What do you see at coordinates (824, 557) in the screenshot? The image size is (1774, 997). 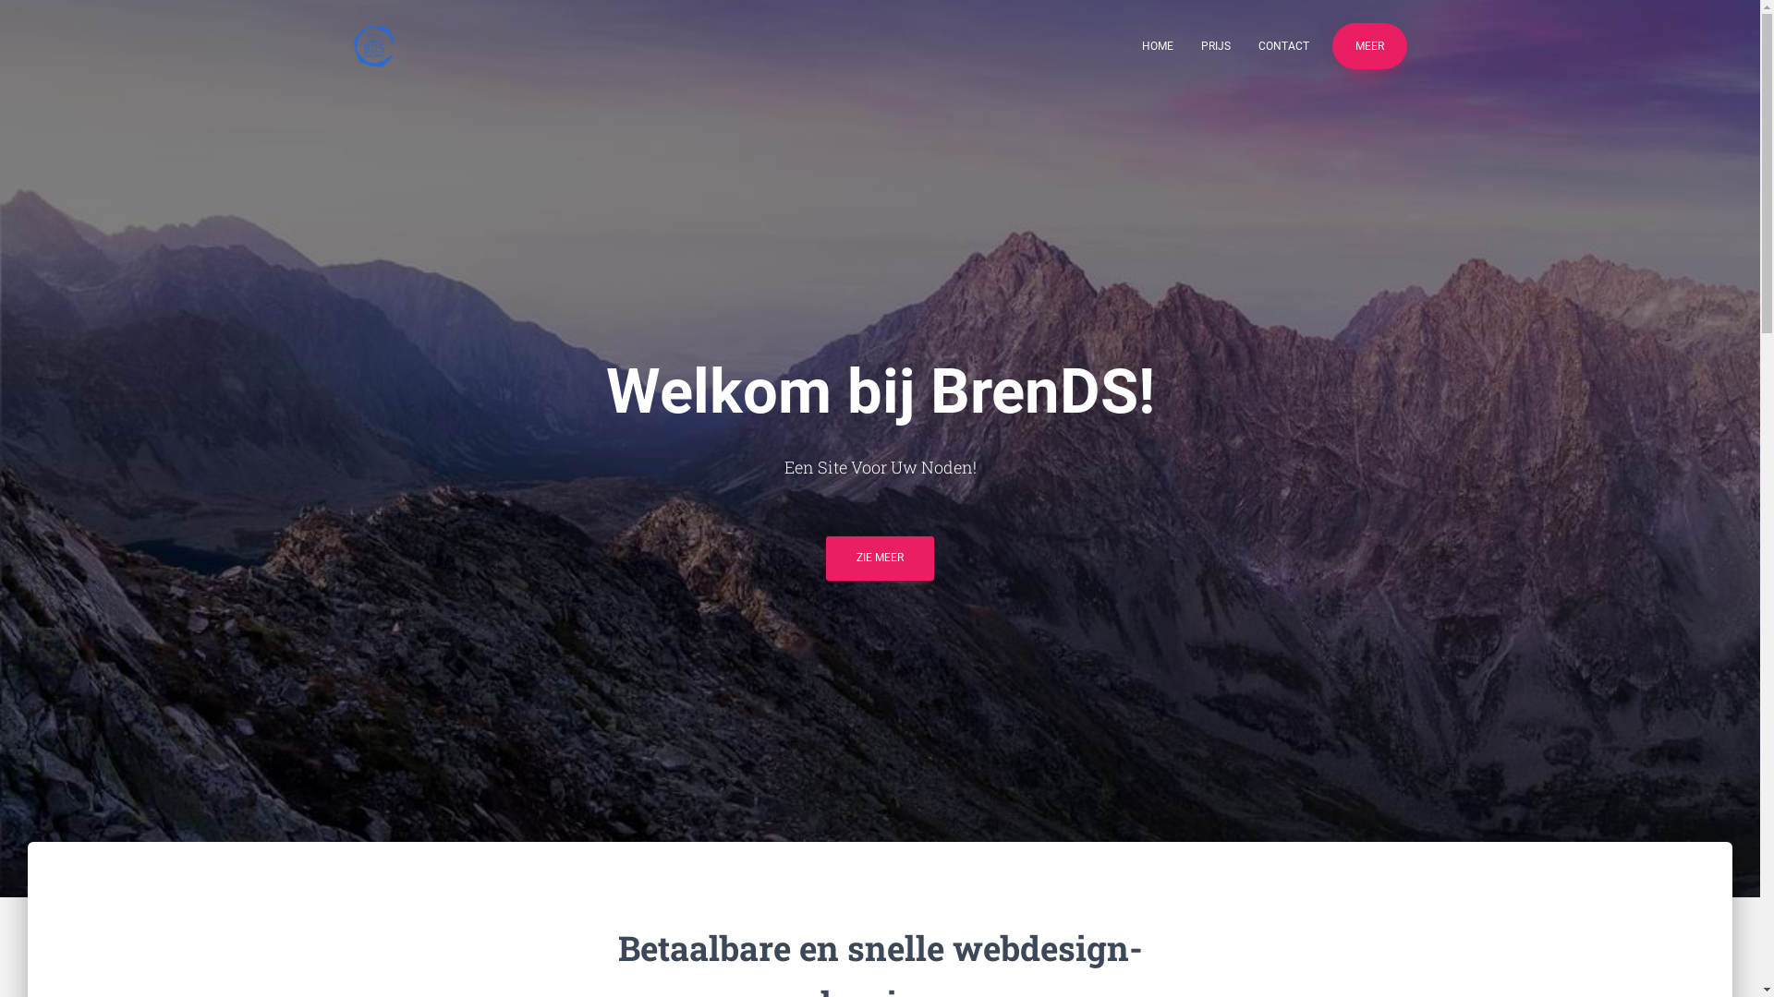 I see `'ZIE MEER'` at bounding box center [824, 557].